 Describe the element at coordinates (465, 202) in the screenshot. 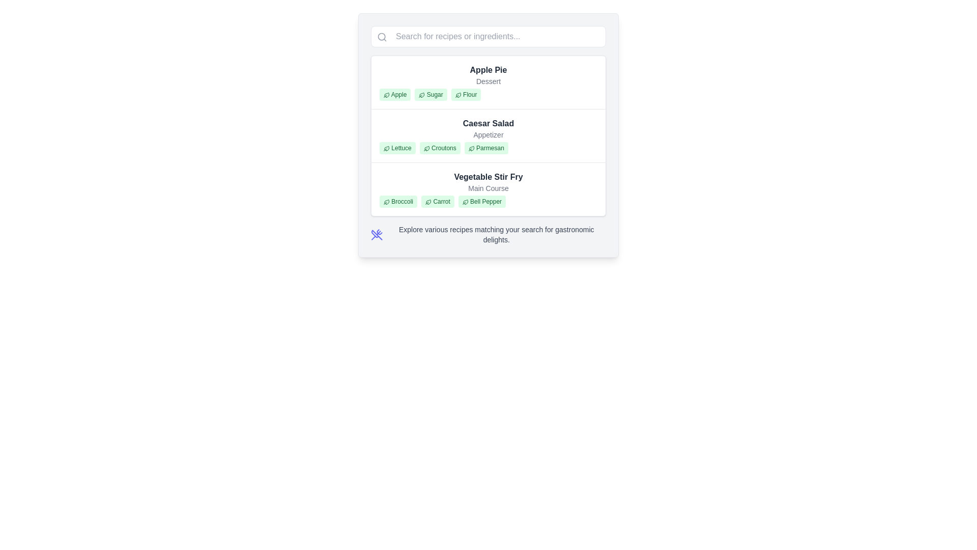

I see `the decorative icon representing 'Bell Pepper' within the 'Vegetable Stir Fry' section of the green label` at that location.